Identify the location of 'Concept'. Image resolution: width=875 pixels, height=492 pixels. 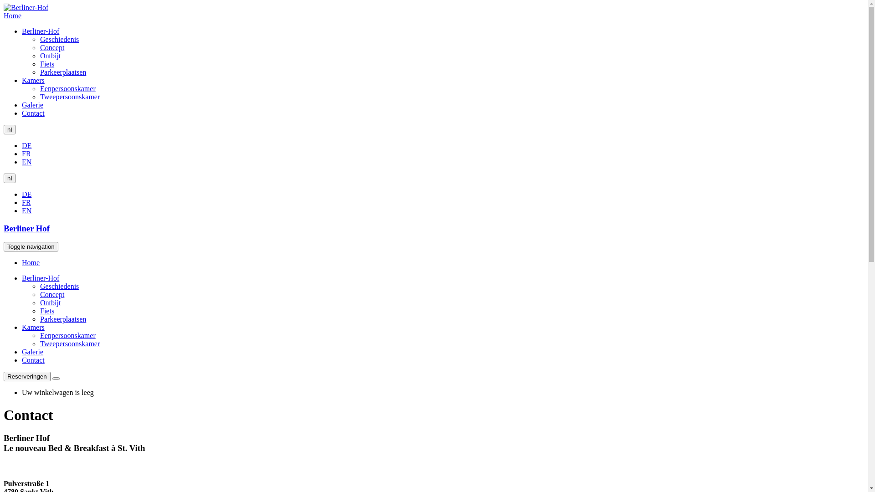
(51, 47).